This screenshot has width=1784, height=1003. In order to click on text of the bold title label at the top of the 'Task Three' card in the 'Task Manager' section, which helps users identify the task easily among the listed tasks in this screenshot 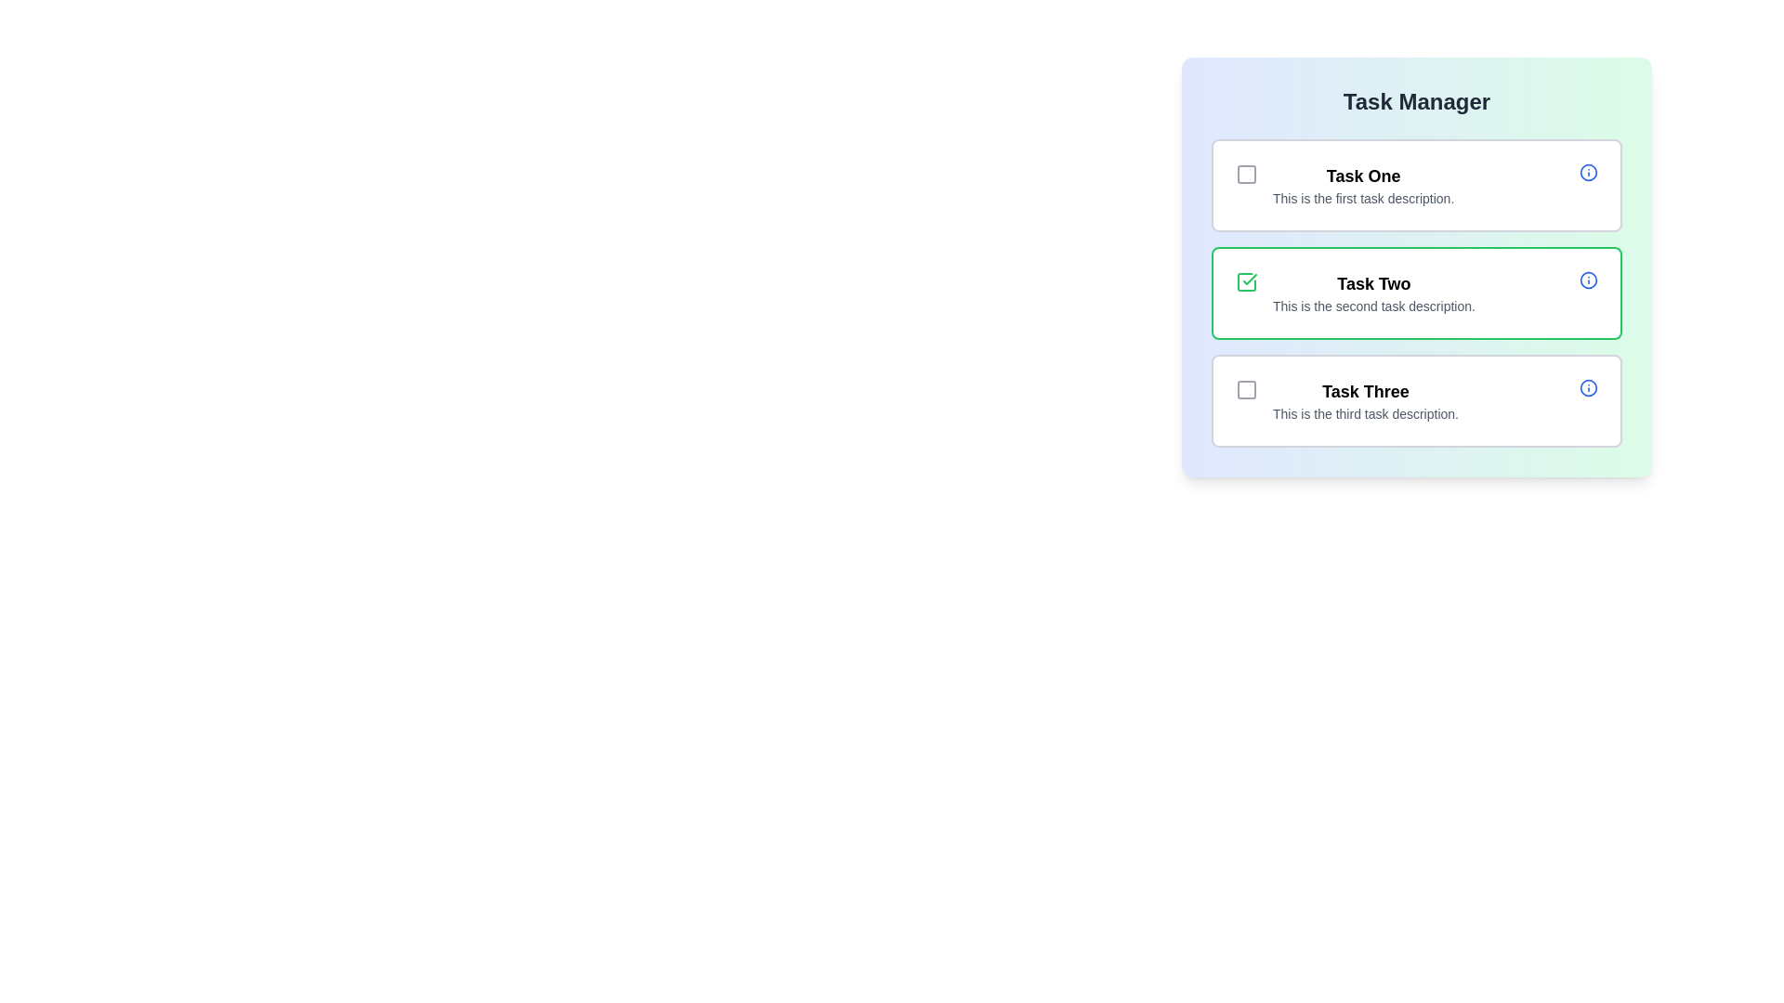, I will do `click(1365, 390)`.